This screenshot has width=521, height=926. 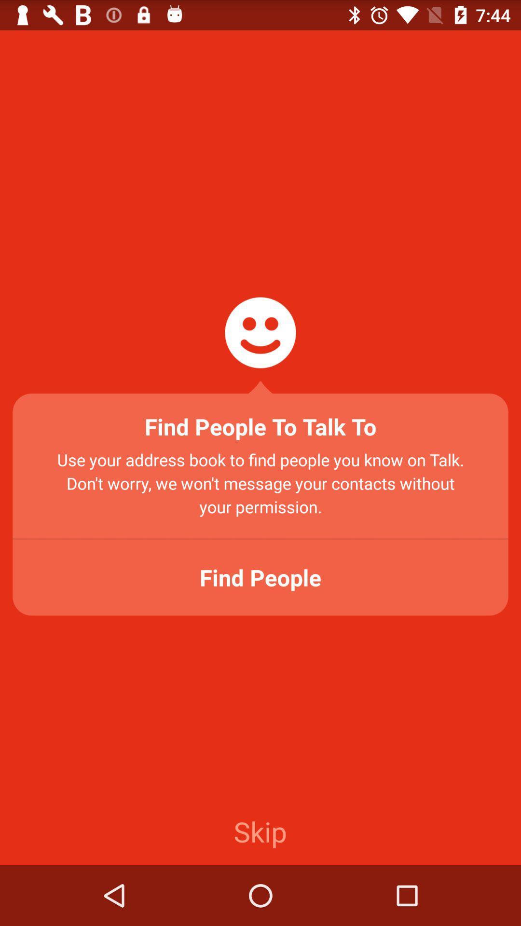 What do you see at coordinates (260, 831) in the screenshot?
I see `the skip icon` at bounding box center [260, 831].